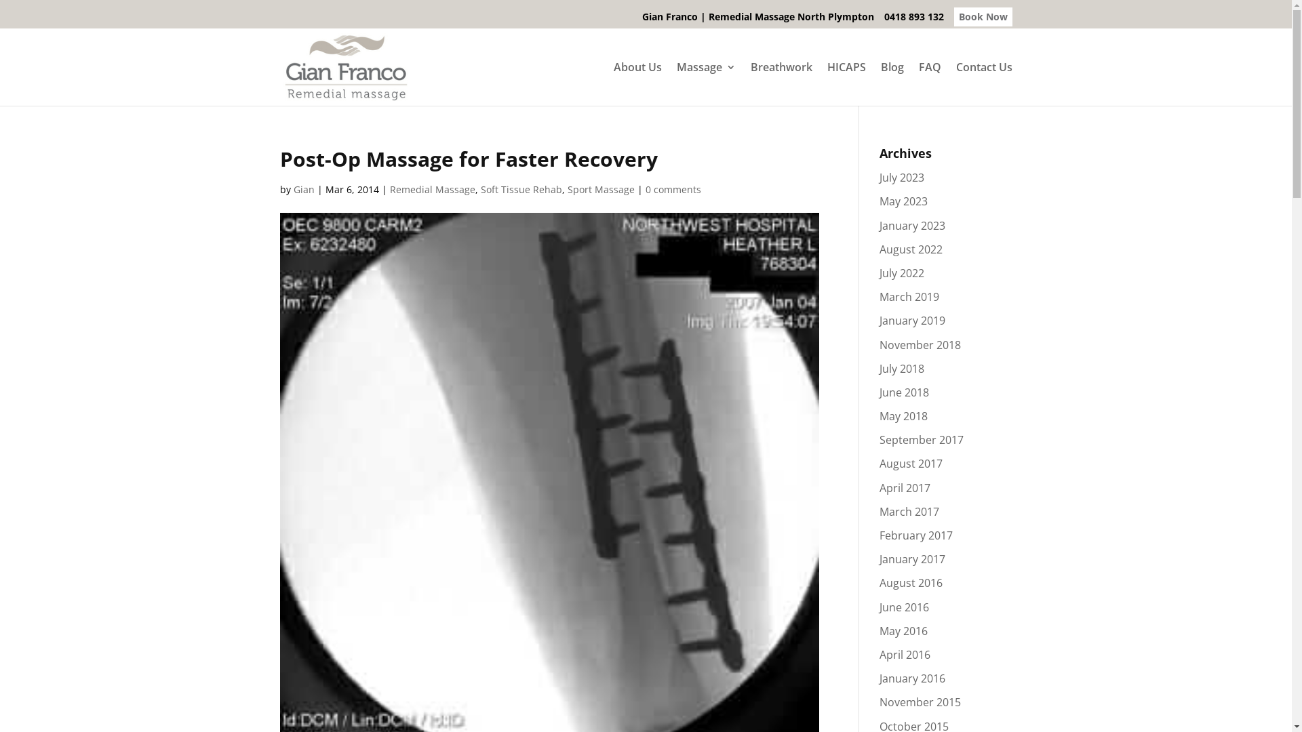  Describe the element at coordinates (905, 653) in the screenshot. I see `'April 2016'` at that location.